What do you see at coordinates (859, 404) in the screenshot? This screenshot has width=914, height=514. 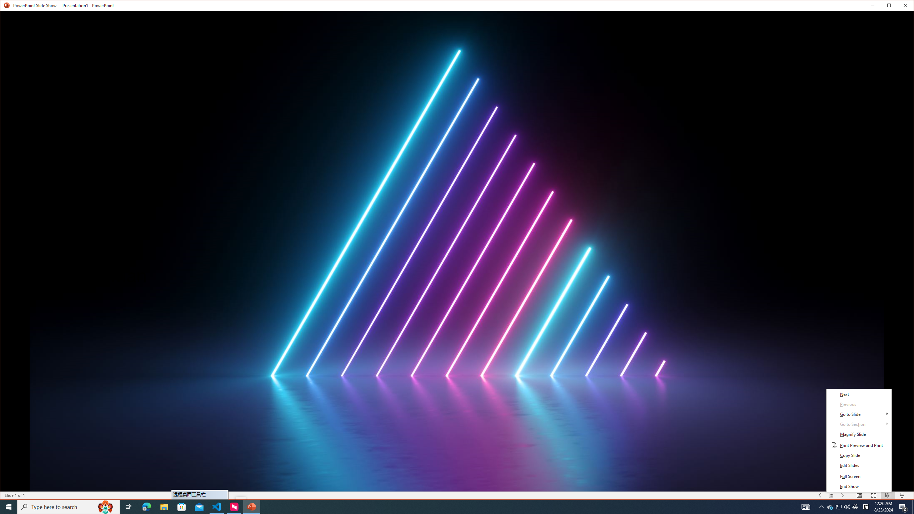 I see `'Previous'` at bounding box center [859, 404].